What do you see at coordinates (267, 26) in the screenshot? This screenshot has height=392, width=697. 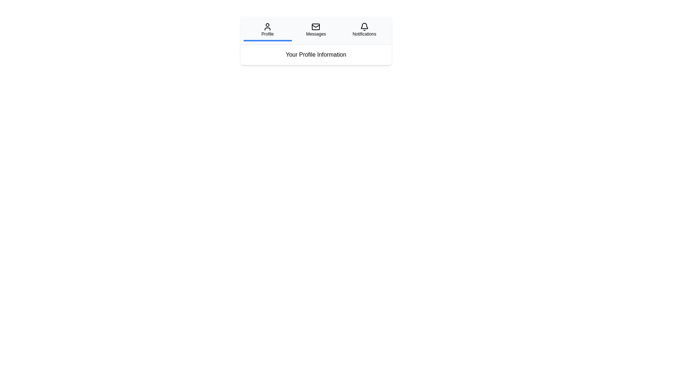 I see `the user icon representing the 'Profile' tab, which is a simplistic black human figure located above the 'Profile' label in the navigation bar` at bounding box center [267, 26].